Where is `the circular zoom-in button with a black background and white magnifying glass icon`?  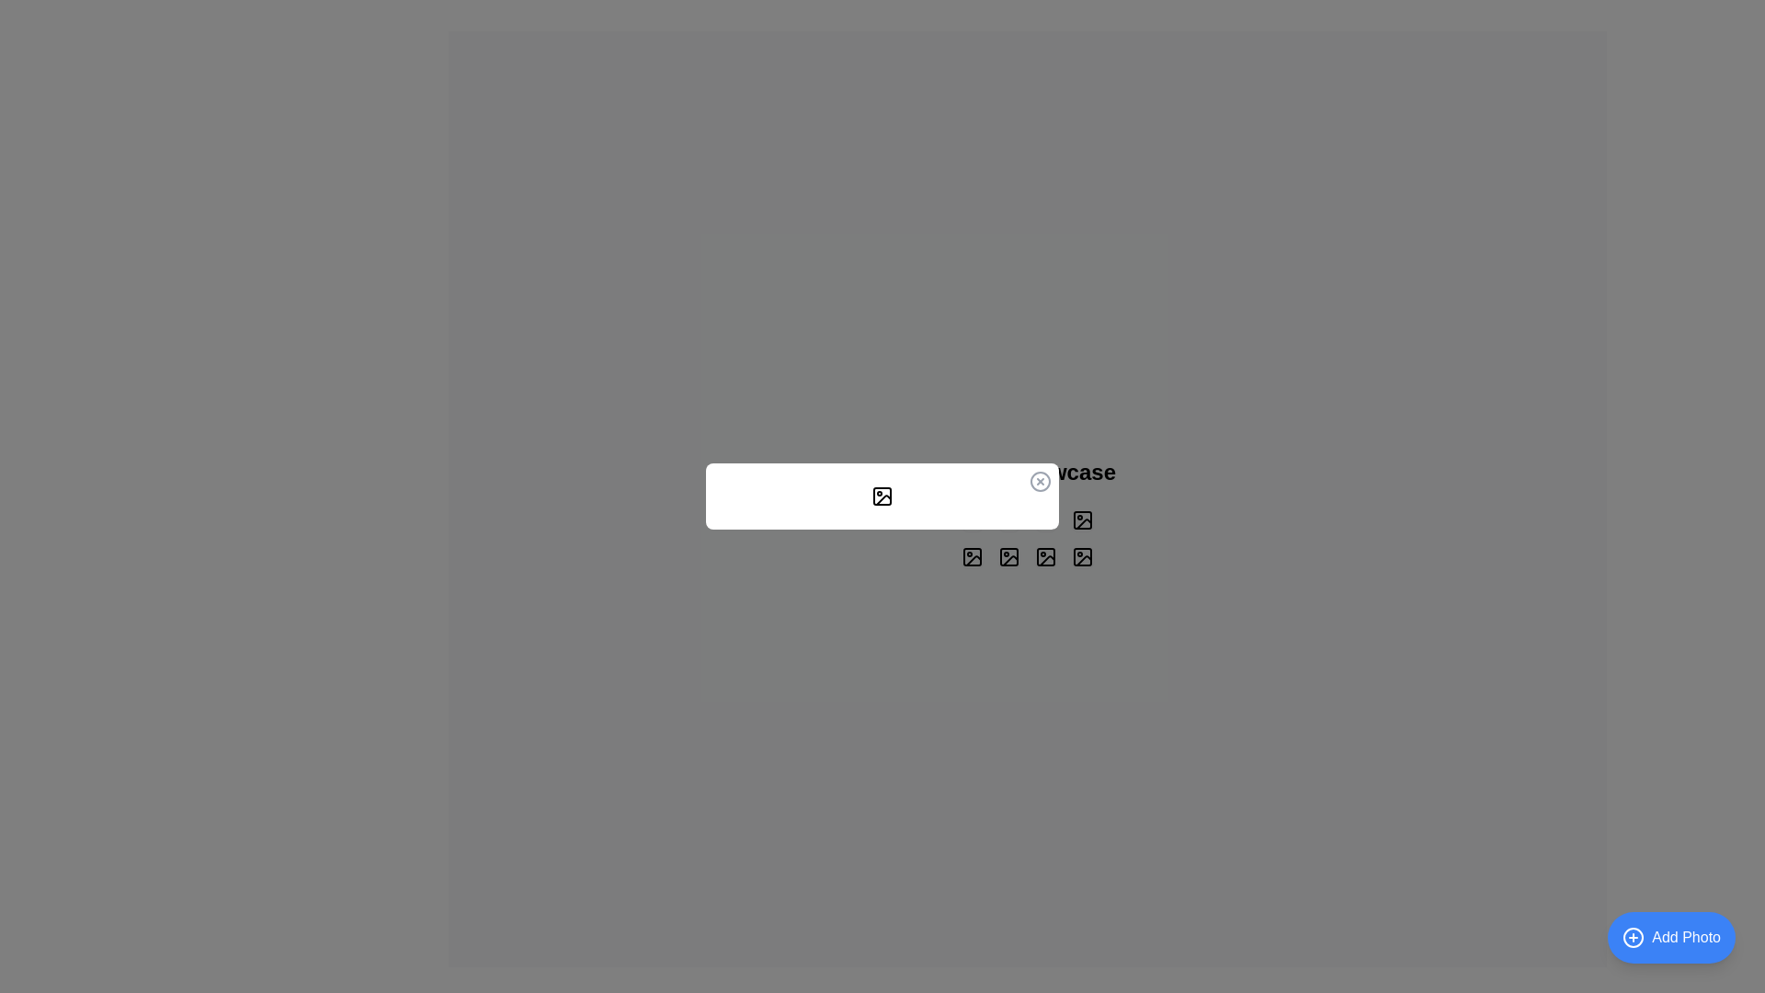 the circular zoom-in button with a black background and white magnifying glass icon is located at coordinates (1082, 520).